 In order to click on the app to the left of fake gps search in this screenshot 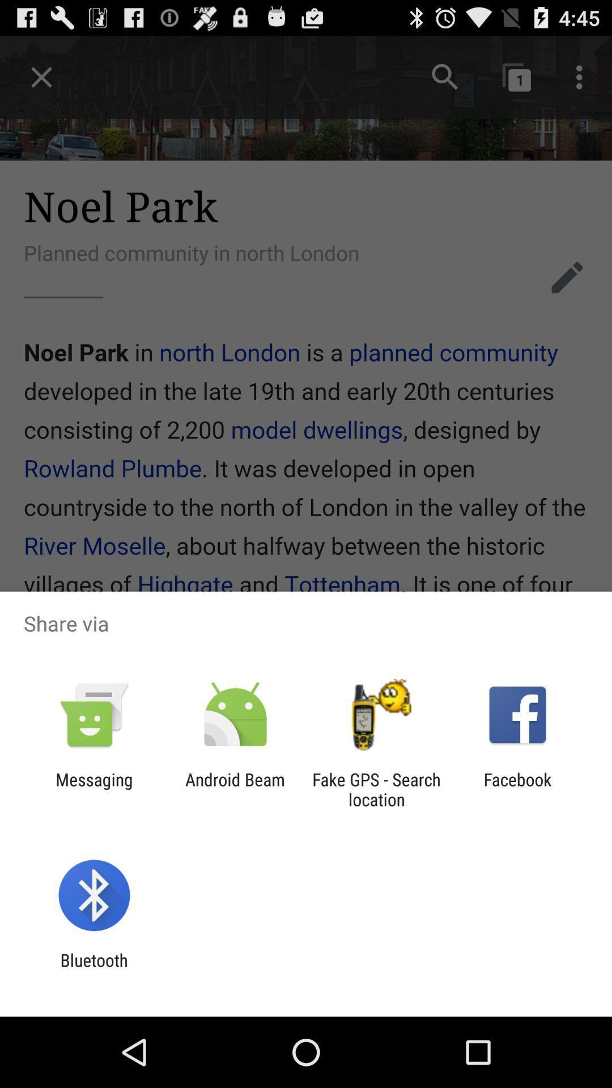, I will do `click(235, 789)`.